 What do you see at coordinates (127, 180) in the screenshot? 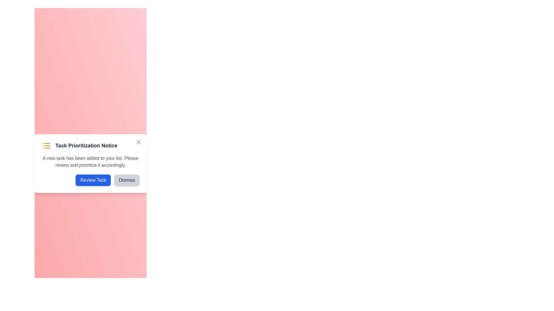
I see `the 'Dismiss' button to close the alert` at bounding box center [127, 180].